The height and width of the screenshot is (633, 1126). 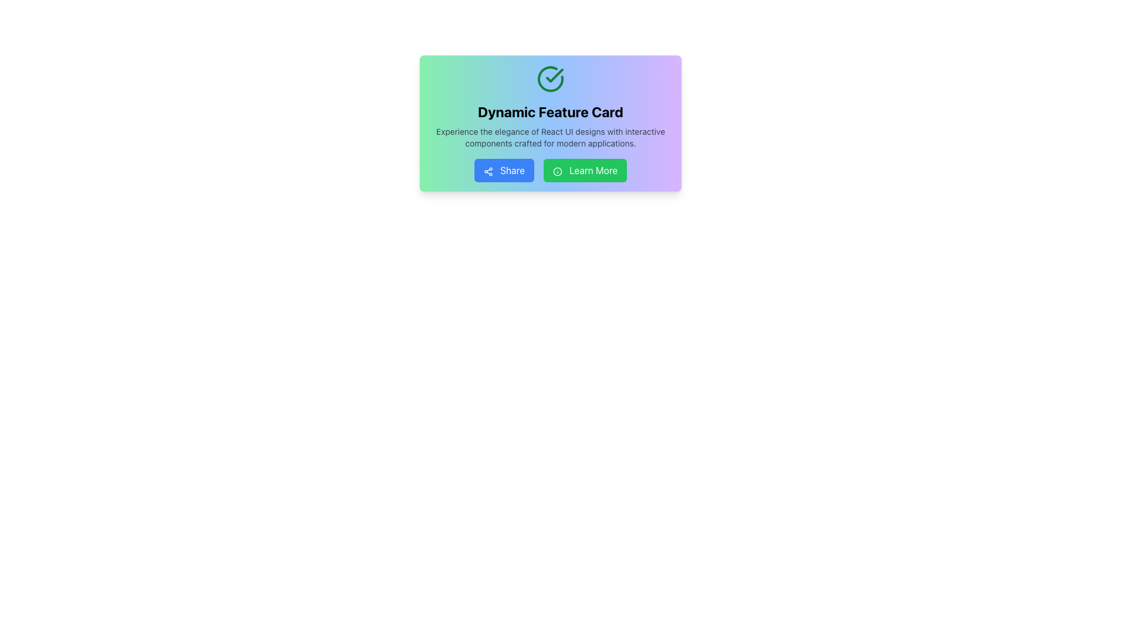 I want to click on the Decorative Icon inside the blue 'Share' button located at the bottom left of the 'Dynamic Feature Card', so click(x=488, y=171).